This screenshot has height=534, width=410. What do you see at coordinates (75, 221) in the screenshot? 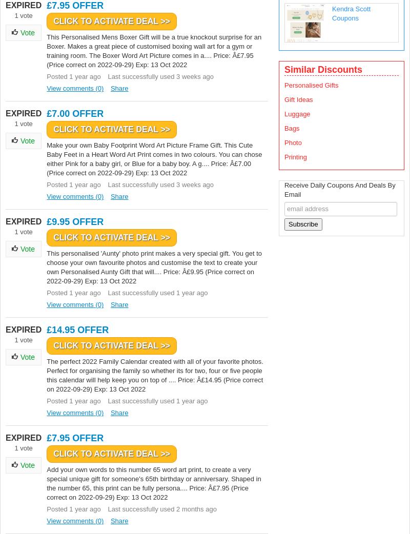
I see `'£9.95 OFFER'` at bounding box center [75, 221].